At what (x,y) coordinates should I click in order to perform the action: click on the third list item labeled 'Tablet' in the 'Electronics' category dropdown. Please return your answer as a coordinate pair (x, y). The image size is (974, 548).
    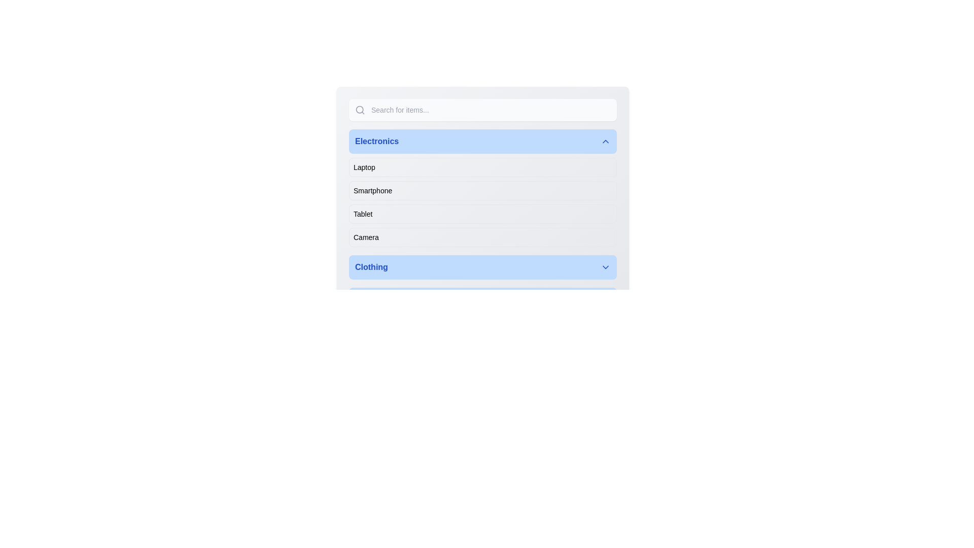
    Looking at the image, I should click on (482, 213).